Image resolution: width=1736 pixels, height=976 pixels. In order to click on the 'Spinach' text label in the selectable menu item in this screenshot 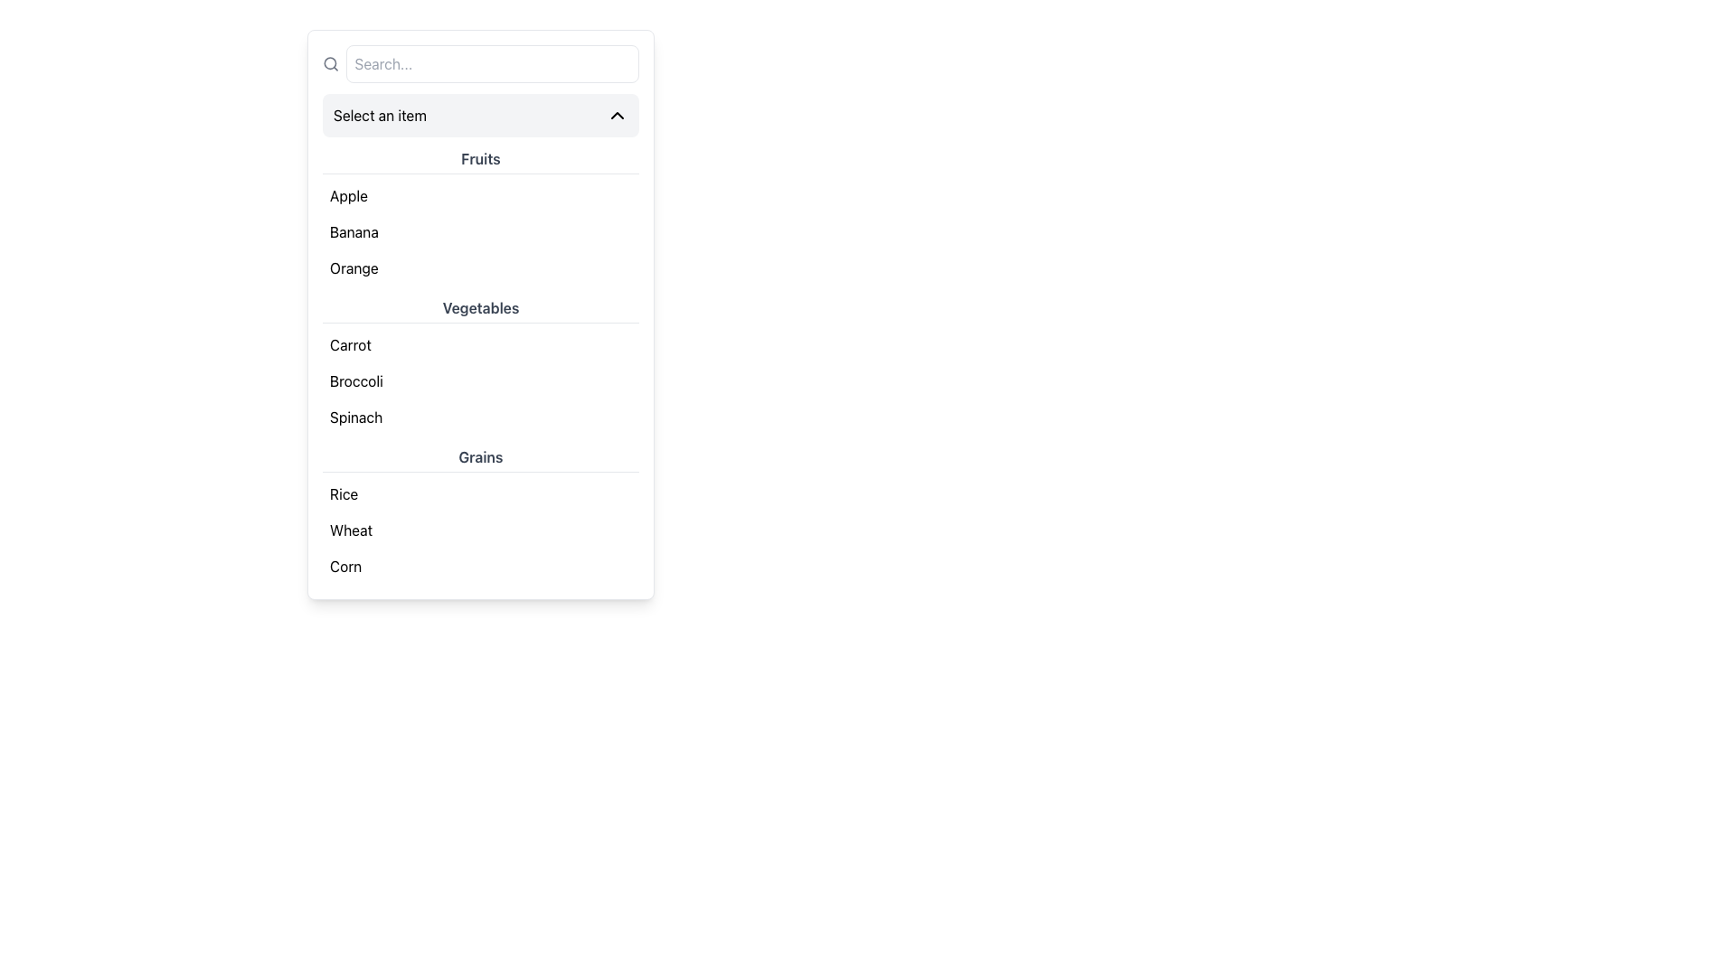, I will do `click(356, 418)`.